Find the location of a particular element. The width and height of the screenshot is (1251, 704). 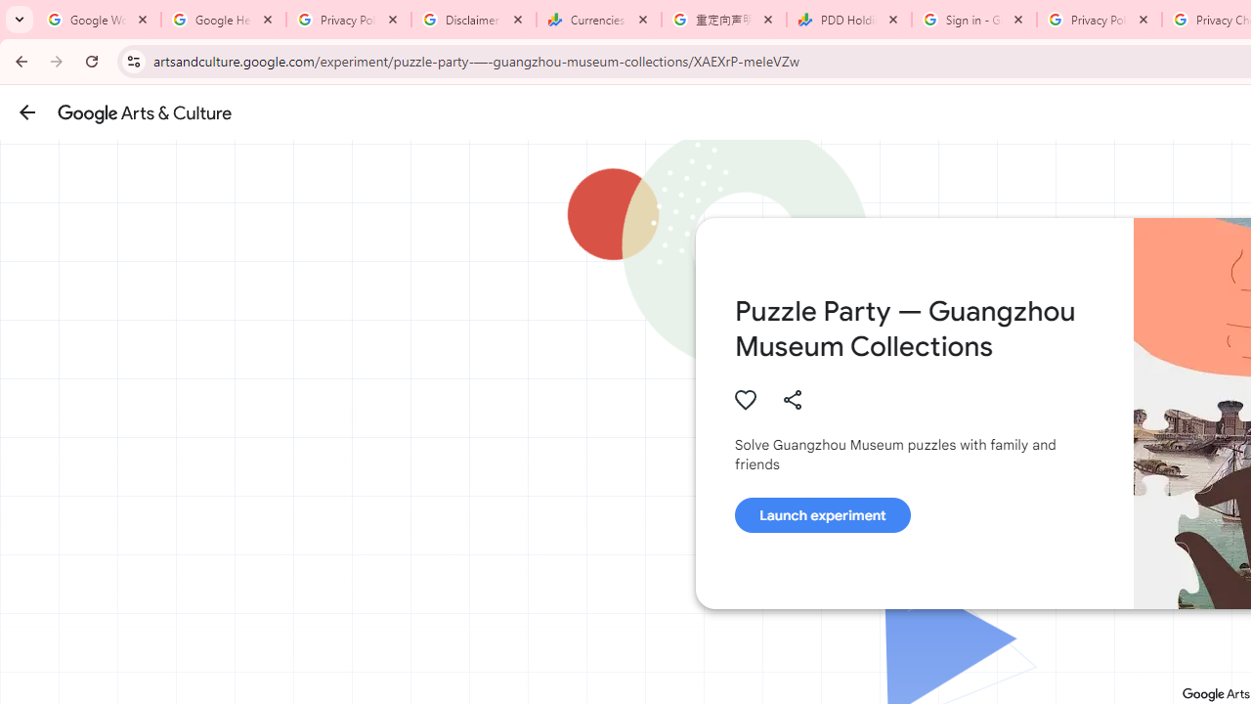

'Google Arts & Culture' is located at coordinates (144, 112).